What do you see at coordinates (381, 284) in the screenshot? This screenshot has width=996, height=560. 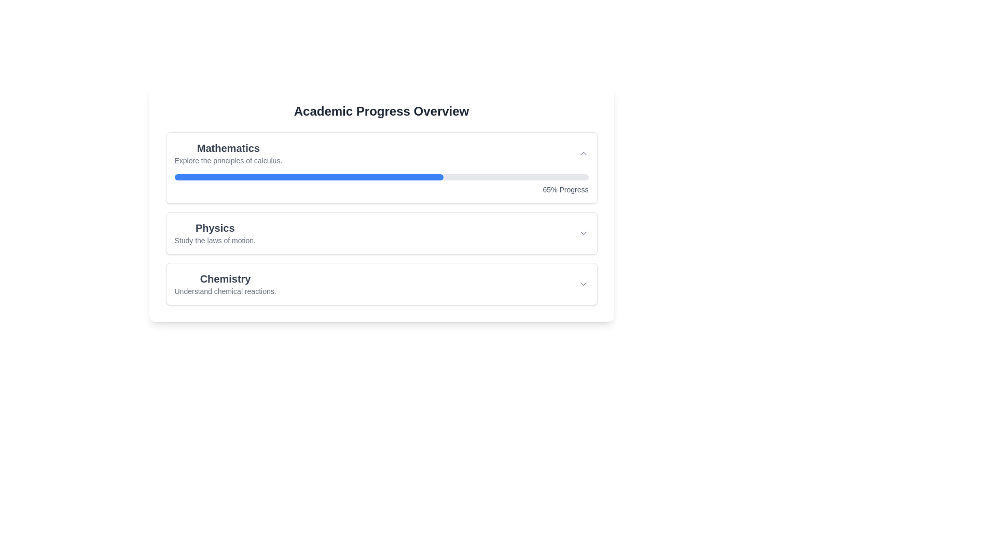 I see `the third Interactive List Item labeled 'Chemistry'` at bounding box center [381, 284].